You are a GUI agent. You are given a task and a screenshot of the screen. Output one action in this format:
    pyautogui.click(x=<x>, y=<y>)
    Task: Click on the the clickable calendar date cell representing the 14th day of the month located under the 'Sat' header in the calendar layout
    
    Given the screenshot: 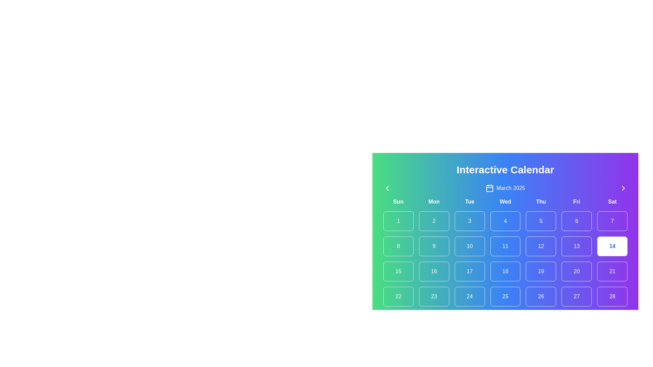 What is the action you would take?
    pyautogui.click(x=612, y=246)
    